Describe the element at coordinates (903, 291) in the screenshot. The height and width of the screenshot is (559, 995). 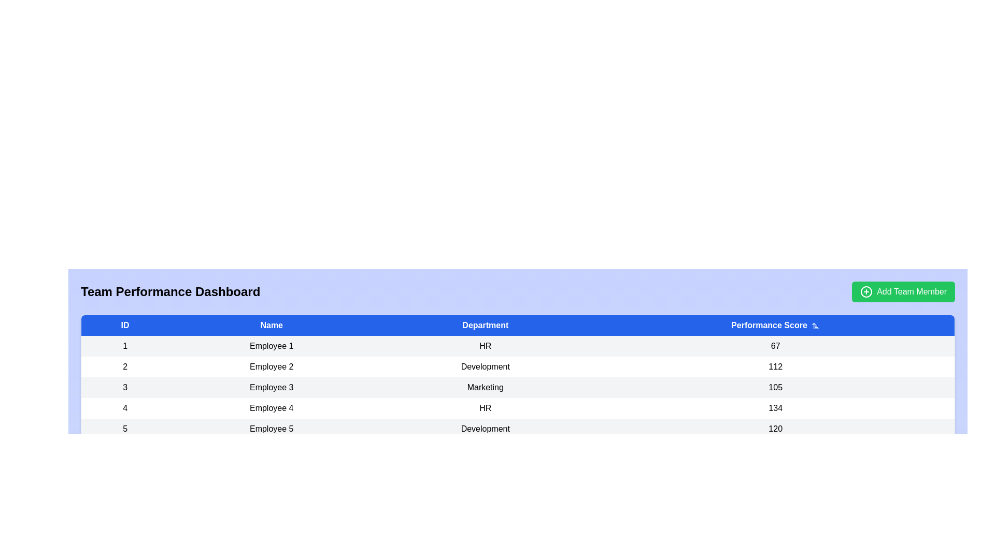
I see `'Add Team Member' button to trigger the action for adding a new member` at that location.